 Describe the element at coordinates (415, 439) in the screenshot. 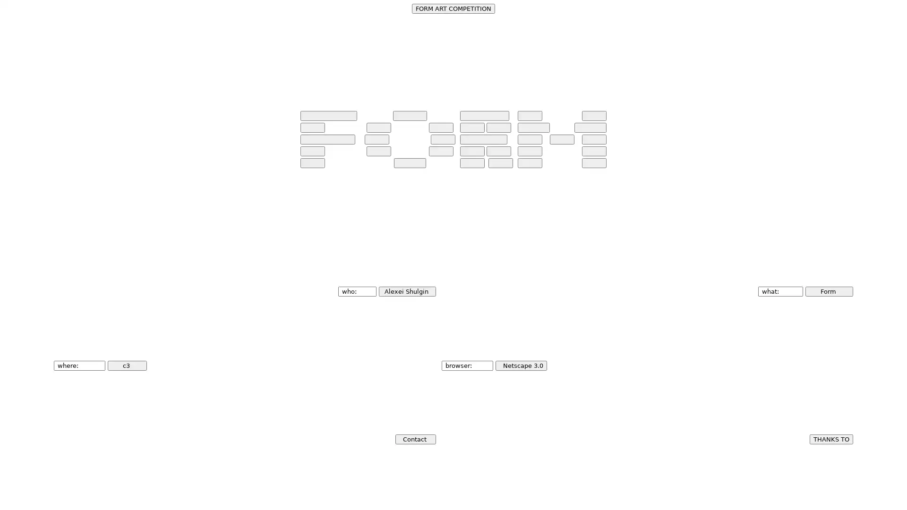

I see `Contact` at that location.